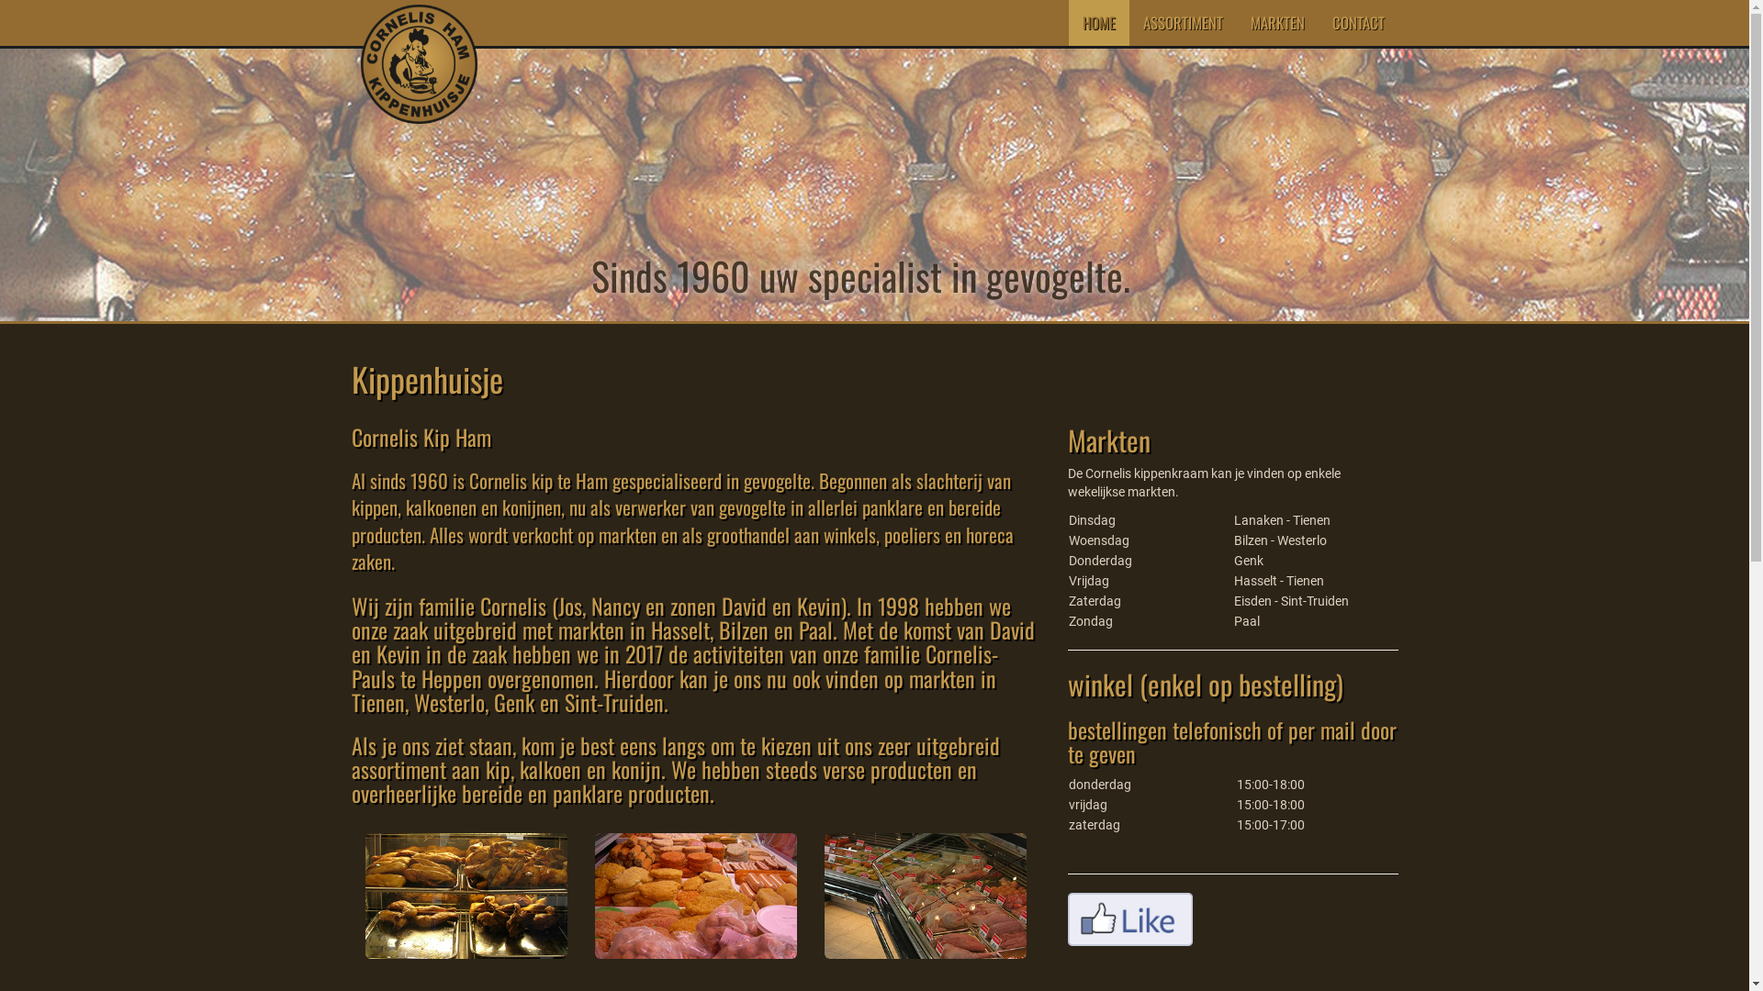 This screenshot has height=991, width=1763. I want to click on 'CONTACT', so click(1317, 22).